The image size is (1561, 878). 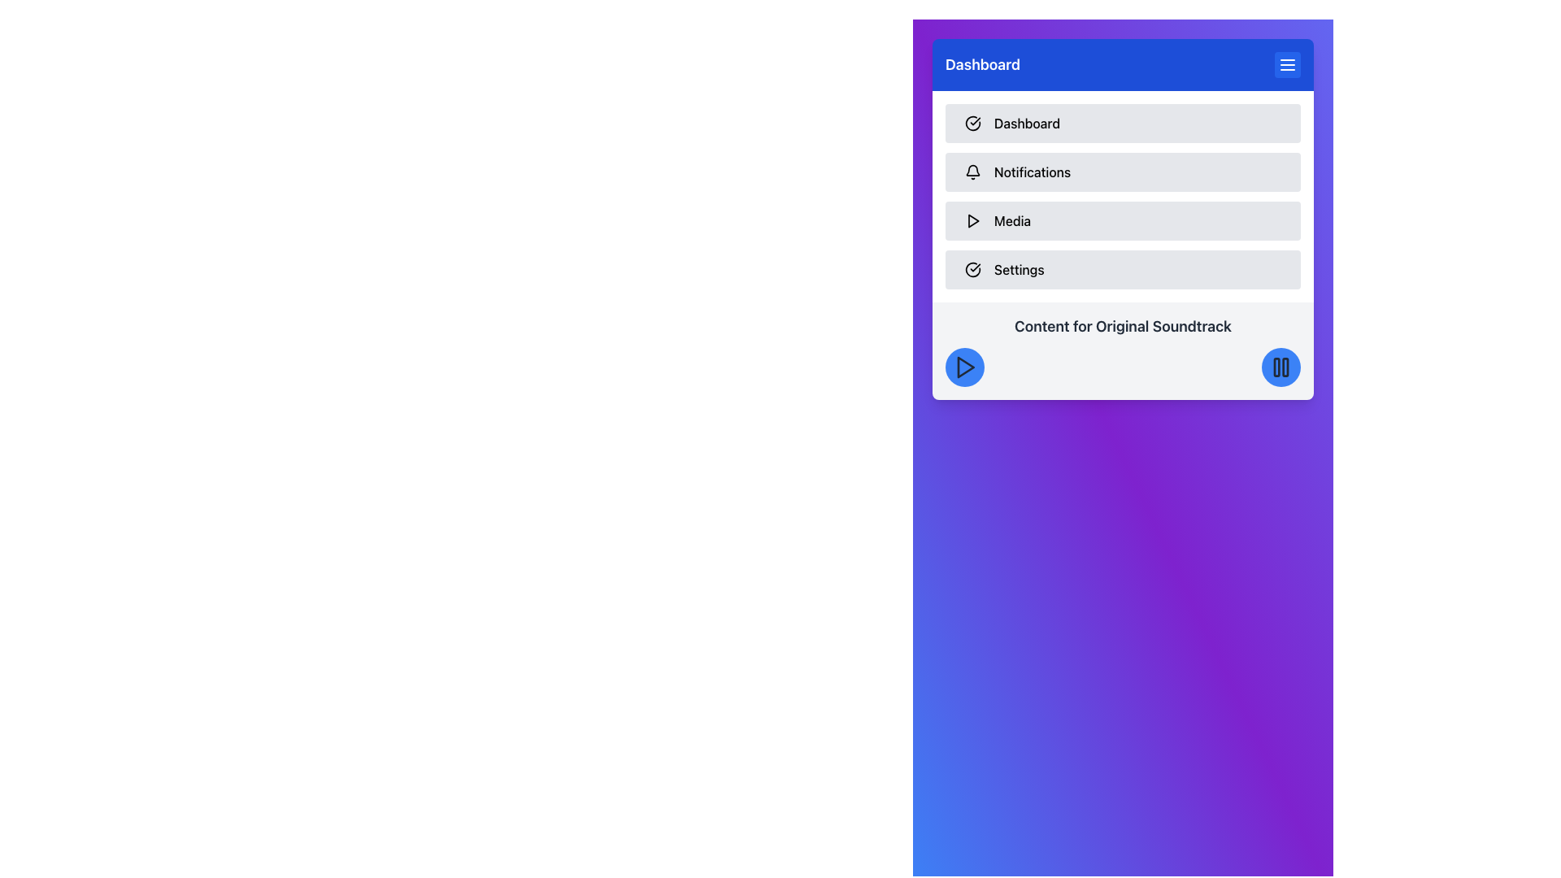 I want to click on visual design of the first icon representing the 'Dashboard' section, located to the left of the text label 'Dashboard', so click(x=972, y=122).